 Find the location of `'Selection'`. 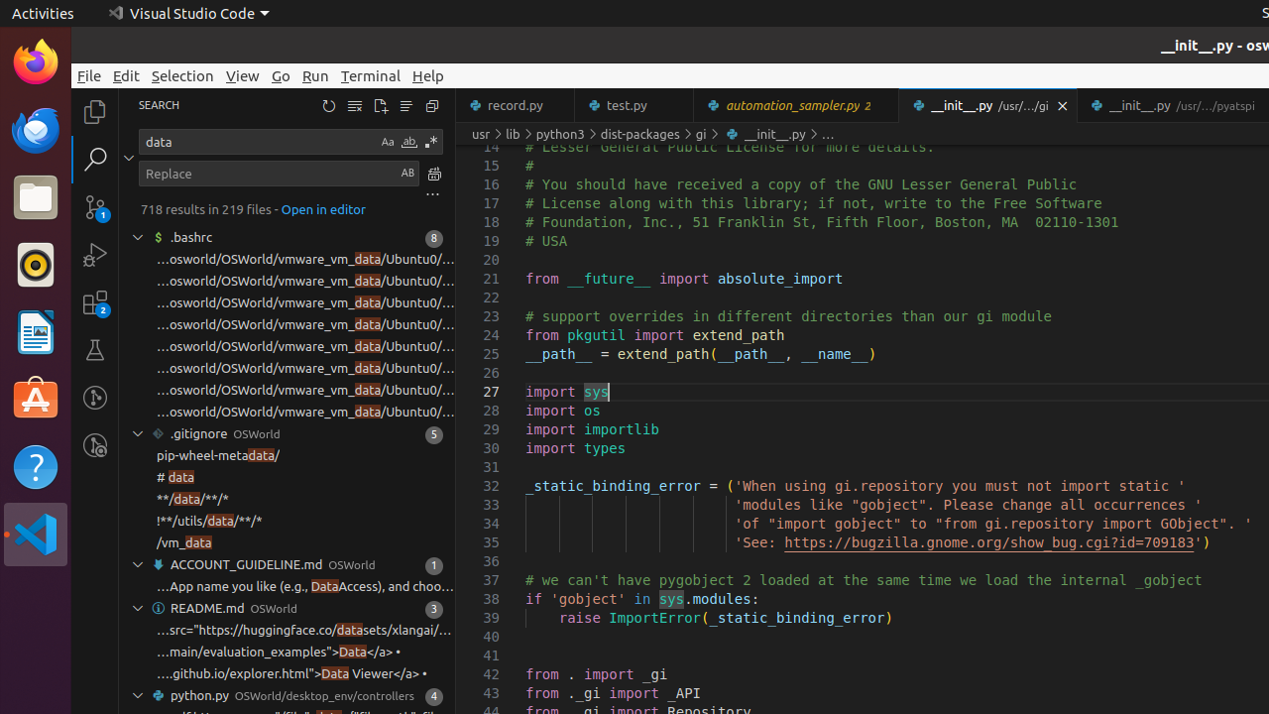

'Selection' is located at coordinates (182, 74).